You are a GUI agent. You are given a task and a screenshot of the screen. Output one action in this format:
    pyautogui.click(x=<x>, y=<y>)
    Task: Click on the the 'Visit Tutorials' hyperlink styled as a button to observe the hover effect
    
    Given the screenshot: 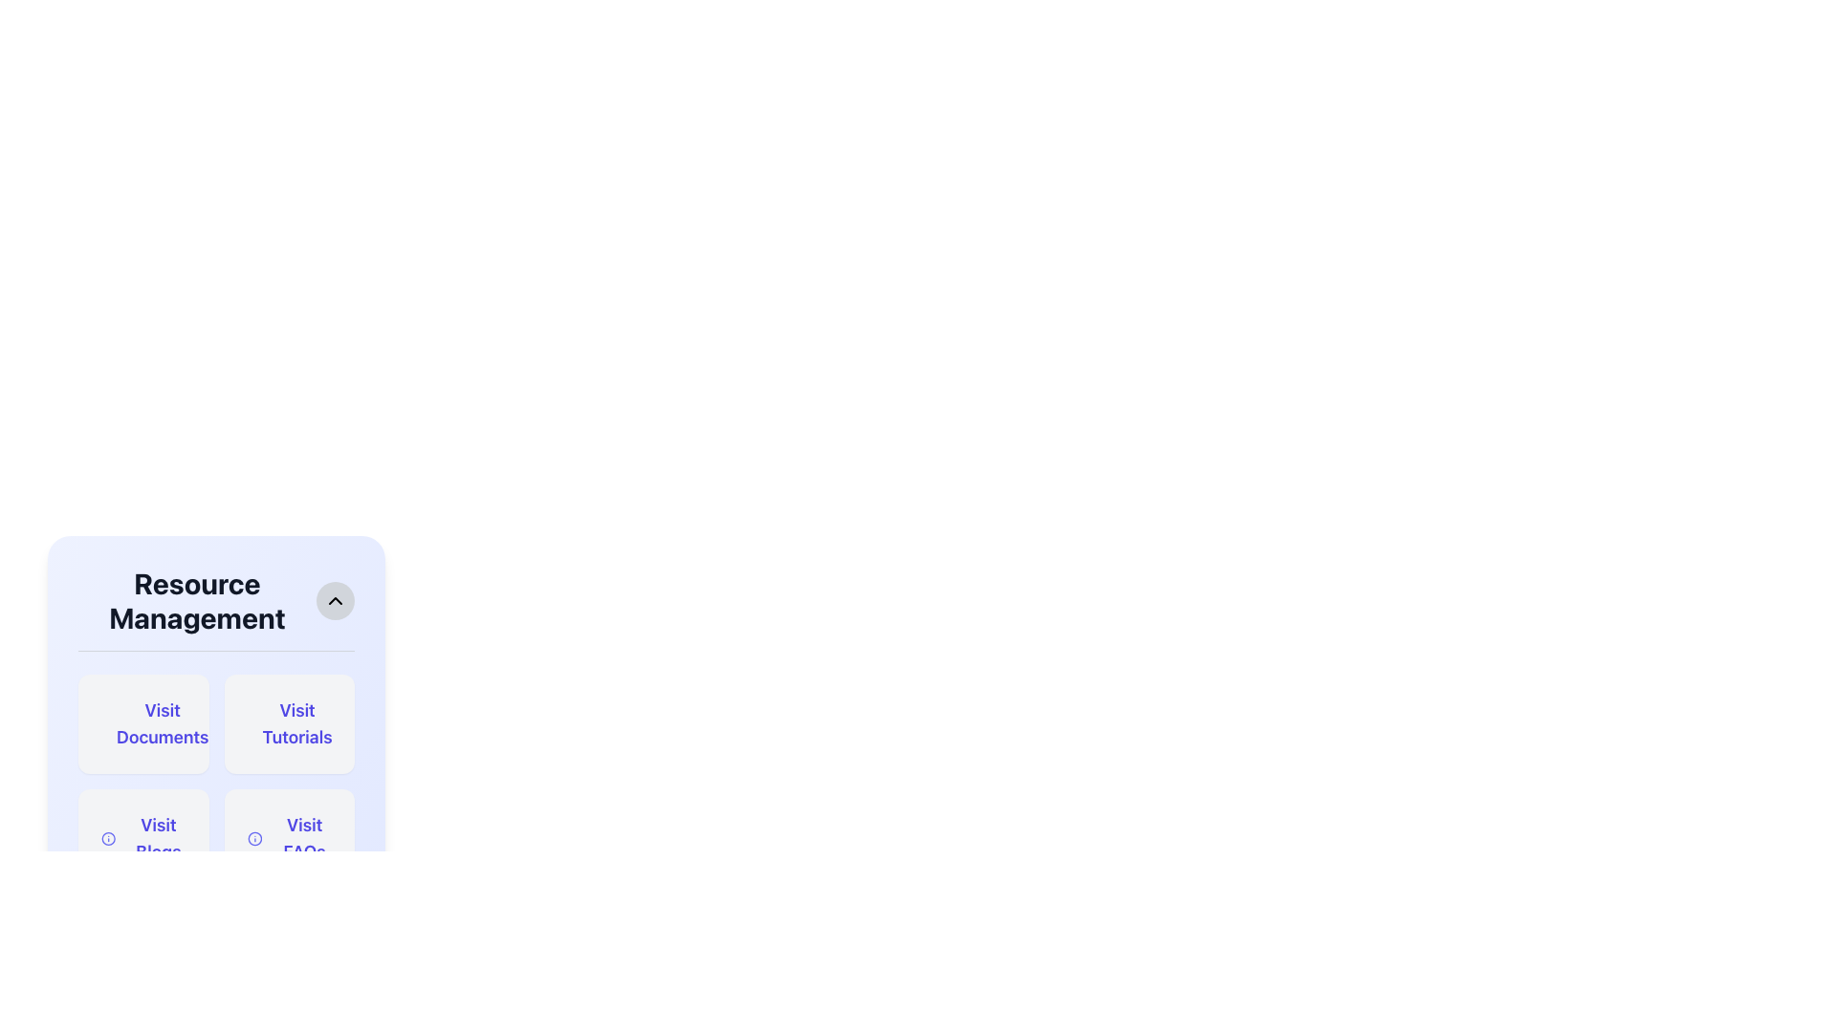 What is the action you would take?
    pyautogui.click(x=296, y=724)
    